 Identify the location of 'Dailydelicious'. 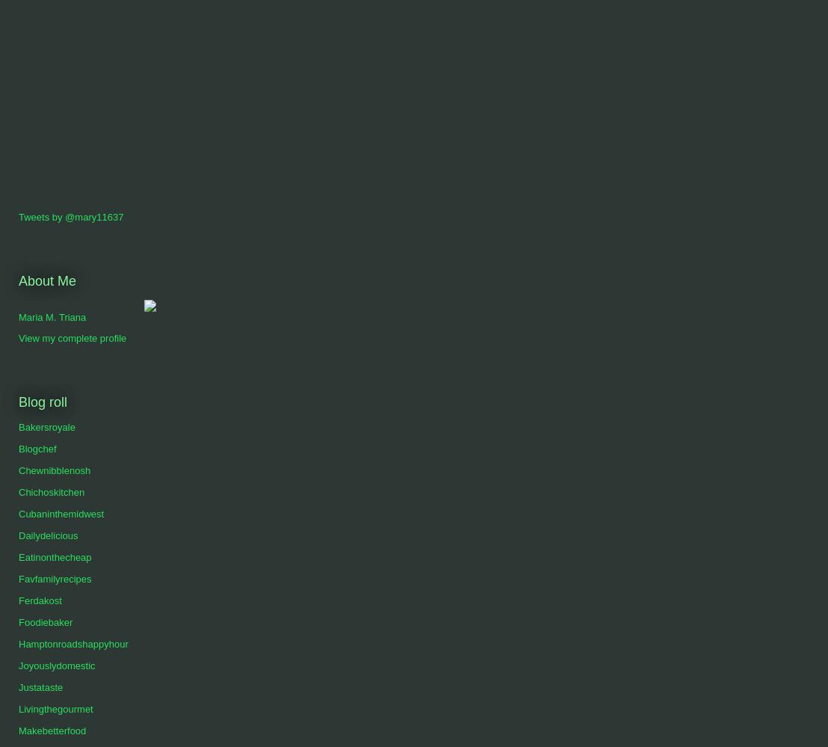
(47, 535).